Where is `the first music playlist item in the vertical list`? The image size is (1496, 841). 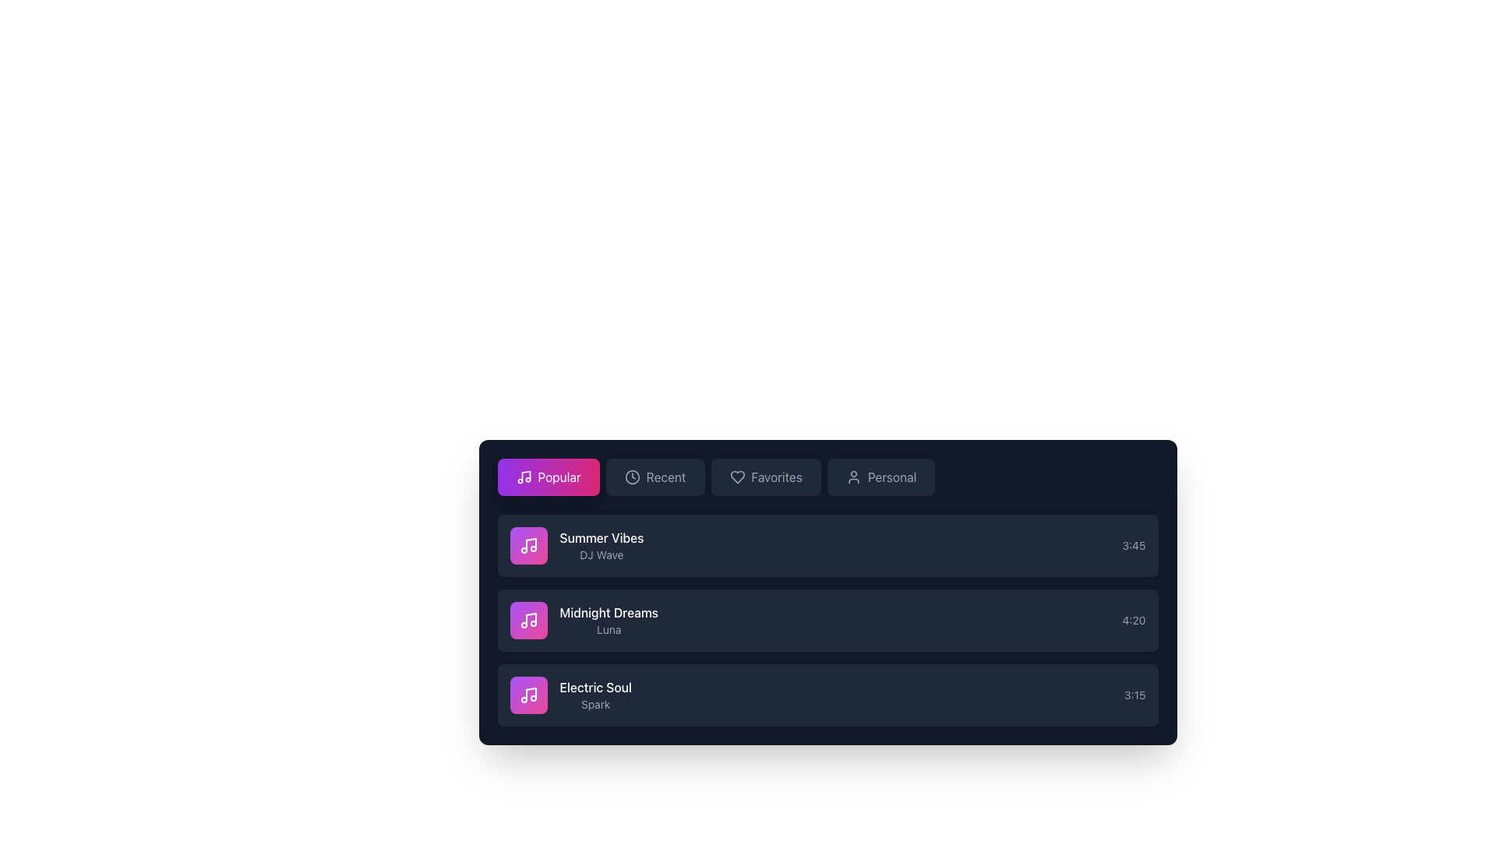
the first music playlist item in the vertical list is located at coordinates (827, 545).